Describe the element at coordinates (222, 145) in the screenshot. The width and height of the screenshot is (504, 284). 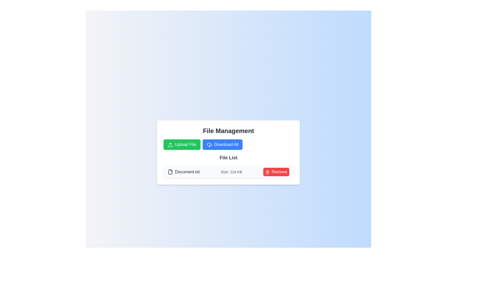
I see `the download button, which is located directly to the right of the 'Upload File' button in the File Management panel, to change its color` at that location.